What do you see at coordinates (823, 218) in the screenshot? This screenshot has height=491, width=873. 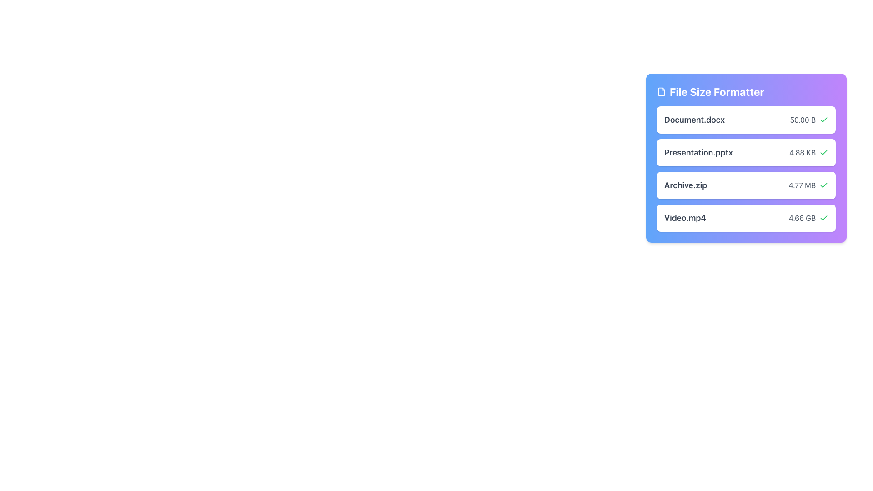 I see `the green checkmark icon located next to the text '4.66 GB' in the file list display to visually recognize its status` at bounding box center [823, 218].